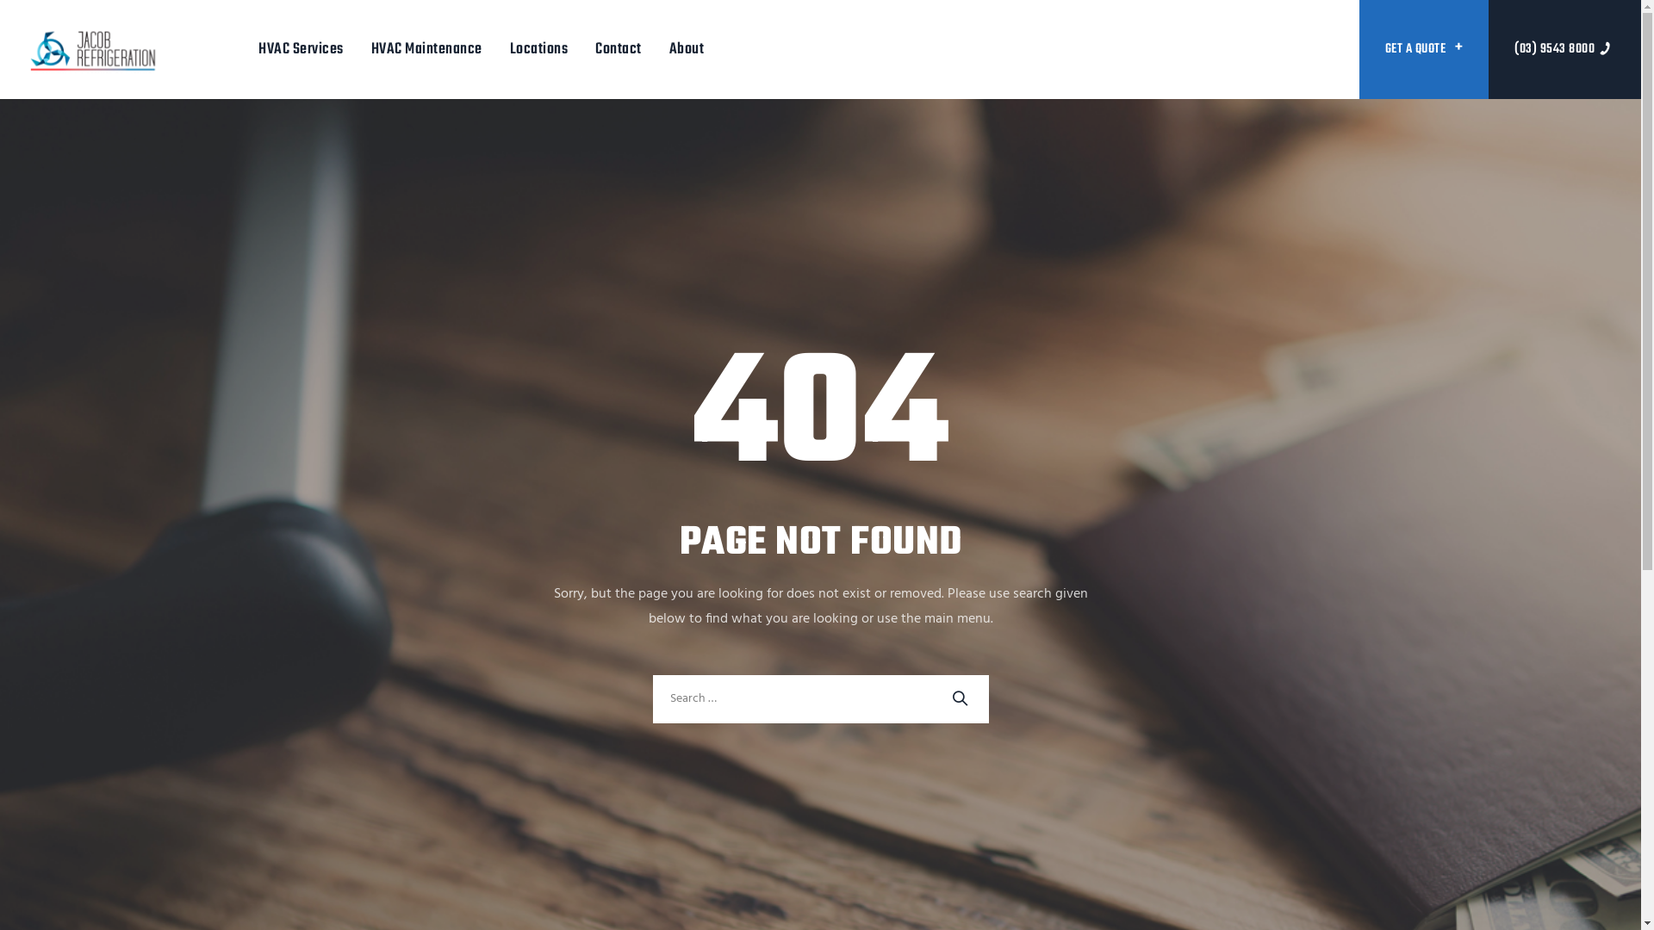 This screenshot has height=930, width=1654. I want to click on 'About', so click(686, 48).